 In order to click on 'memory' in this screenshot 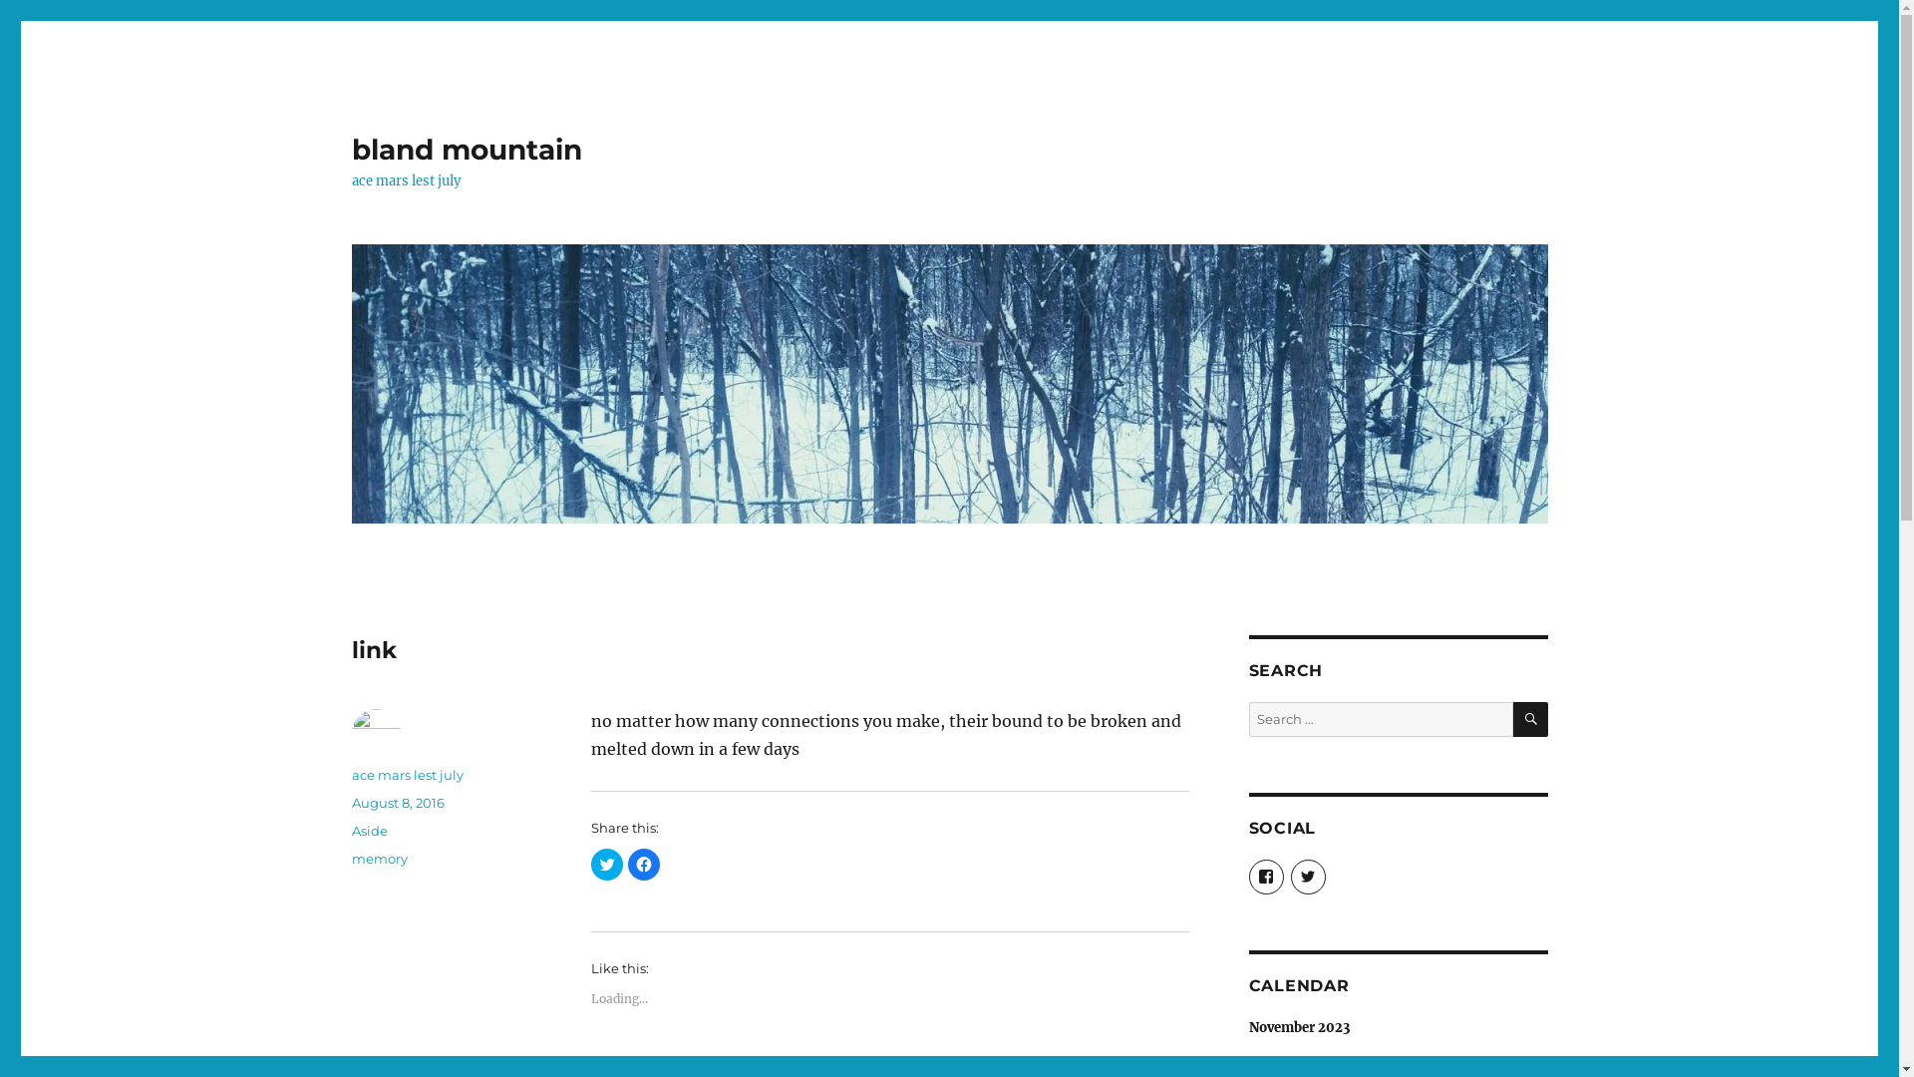, I will do `click(378, 857)`.